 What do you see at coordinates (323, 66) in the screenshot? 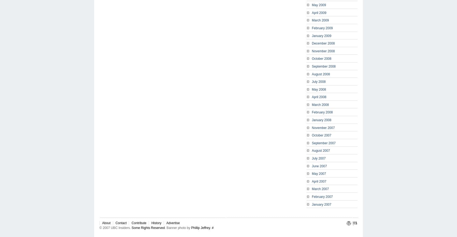
I see `'September 2008'` at bounding box center [323, 66].